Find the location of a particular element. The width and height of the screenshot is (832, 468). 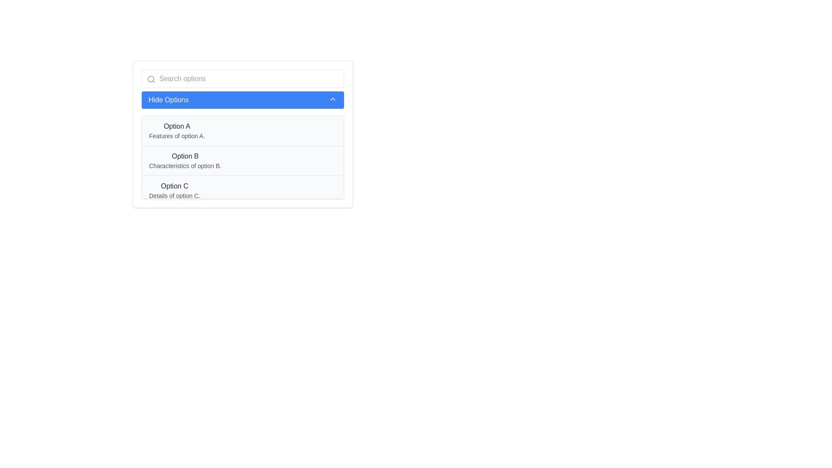

the circular magnifying glass icon in the top-left corner of the popup element is located at coordinates (151, 79).